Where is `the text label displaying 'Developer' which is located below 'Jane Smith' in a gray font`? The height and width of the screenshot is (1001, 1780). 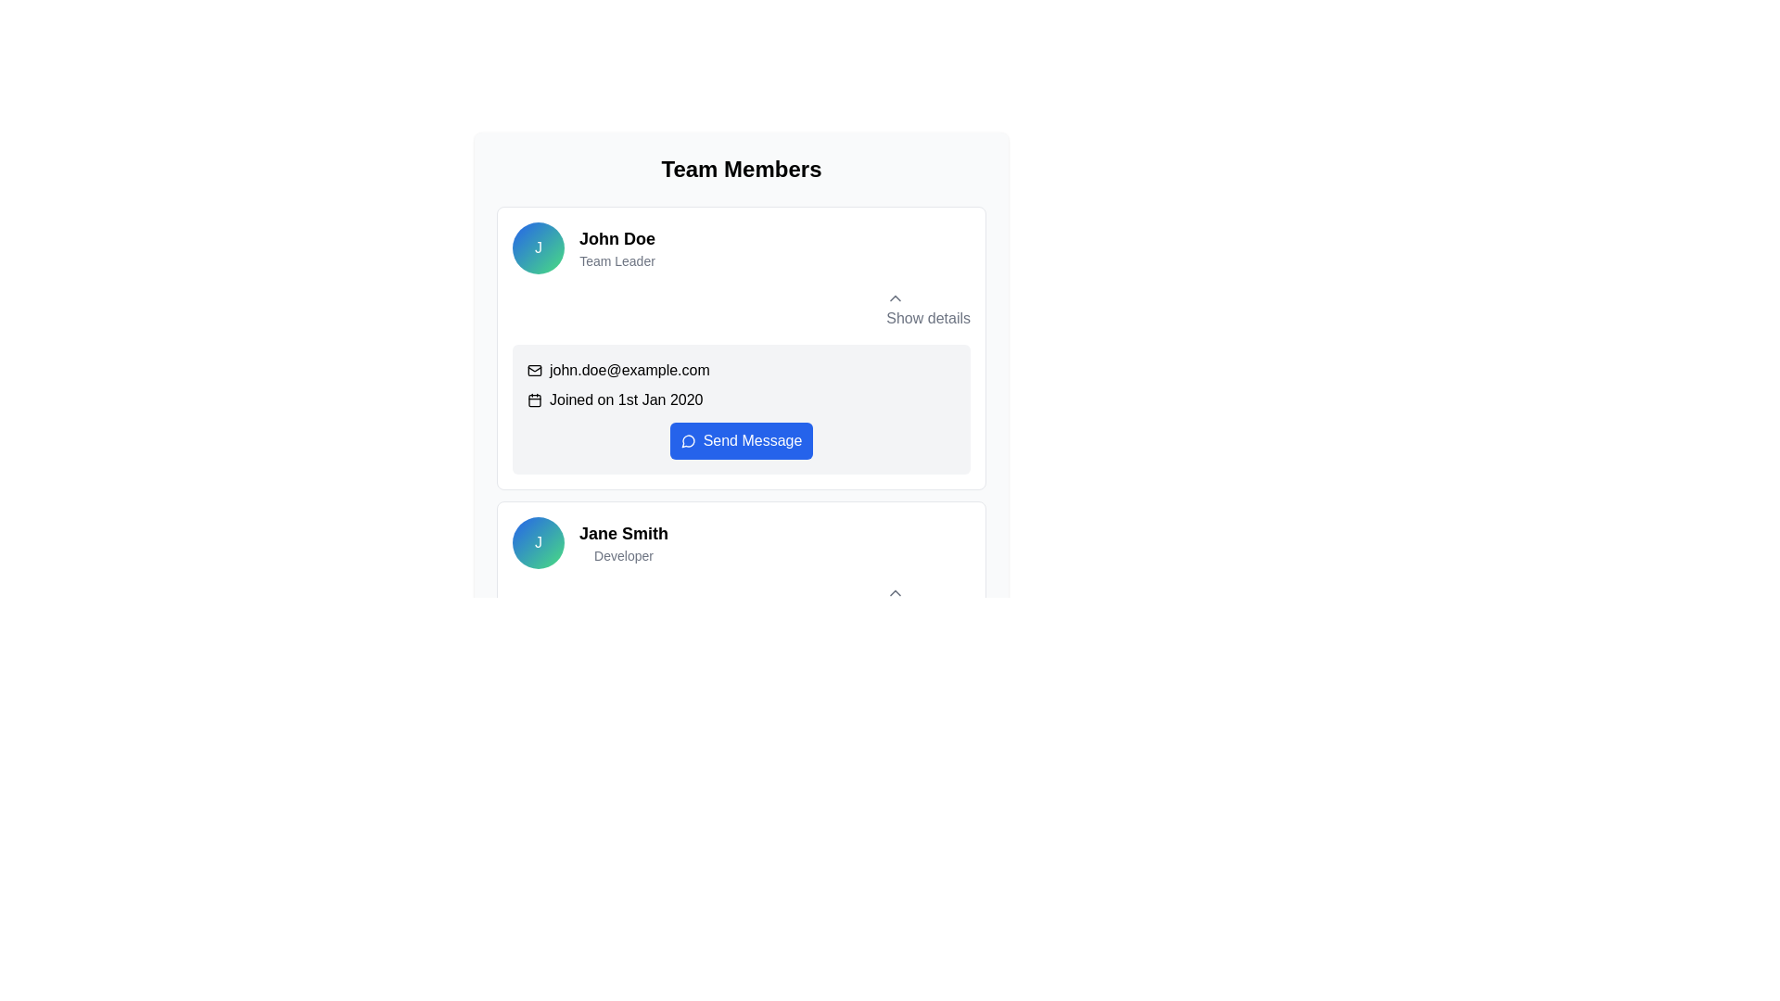 the text label displaying 'Developer' which is located below 'Jane Smith' in a gray font is located at coordinates (623, 555).